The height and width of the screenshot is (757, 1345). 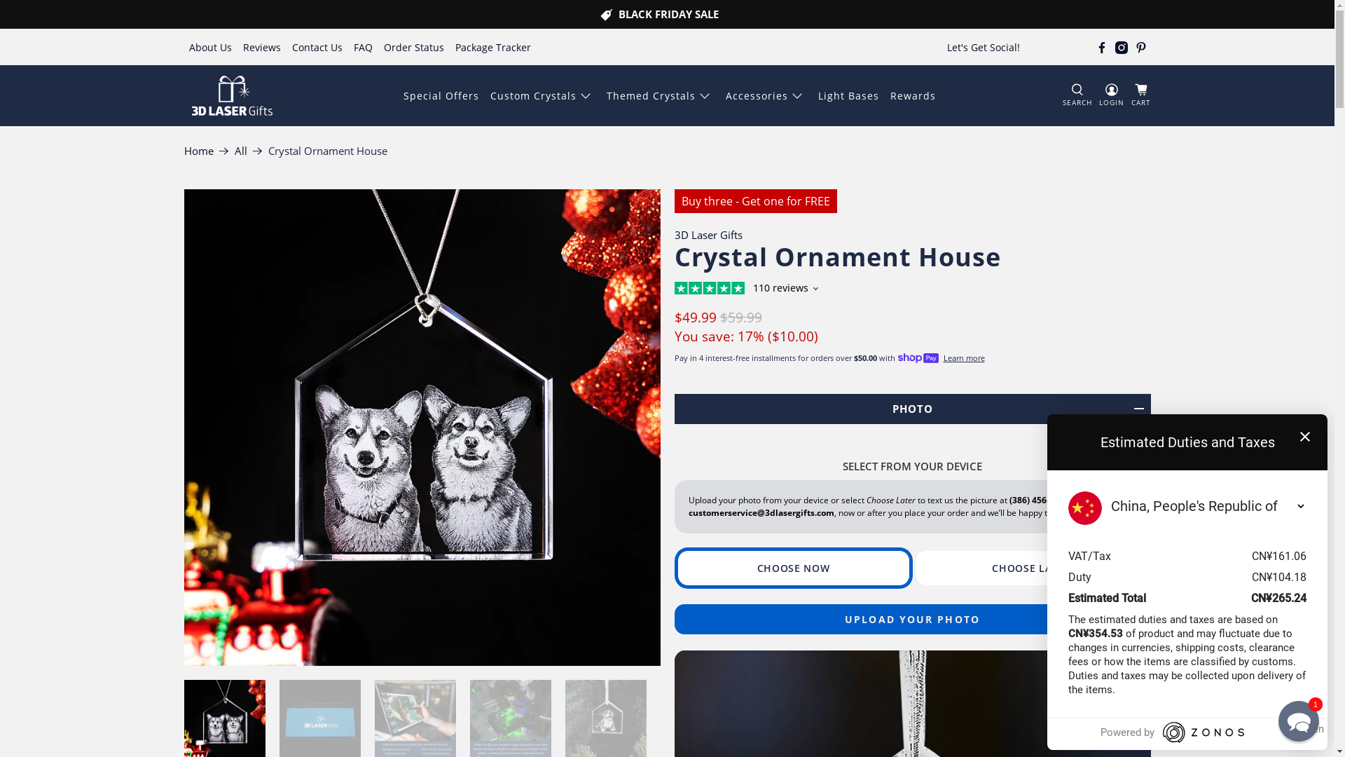 I want to click on '3D Laser Gifts on Facebook', so click(x=1101, y=47).